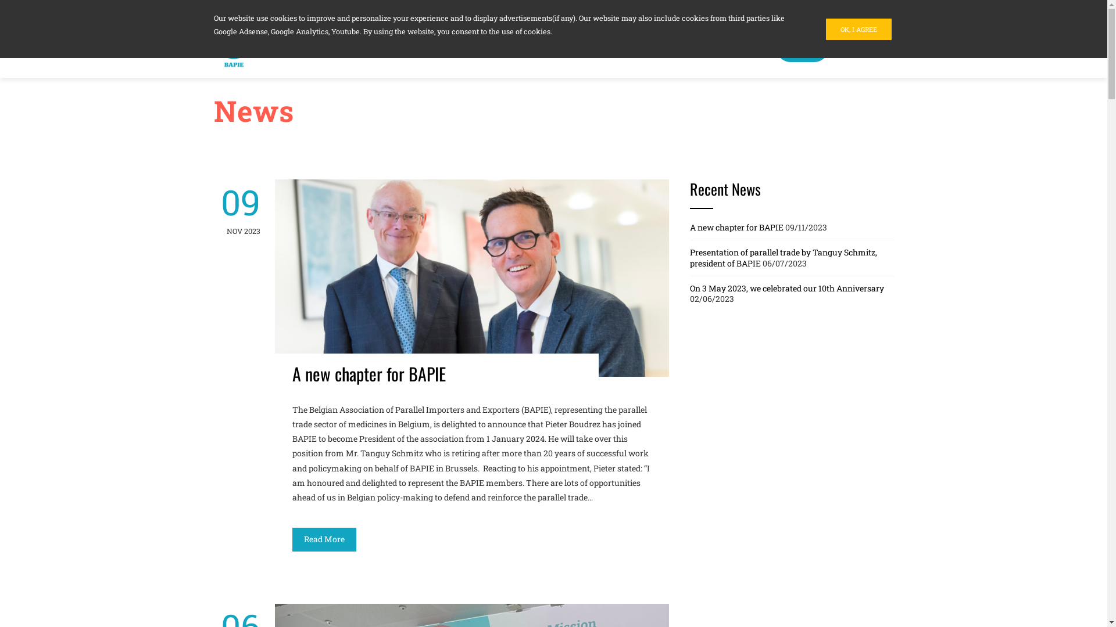  I want to click on 'NEWS', so click(776, 48).